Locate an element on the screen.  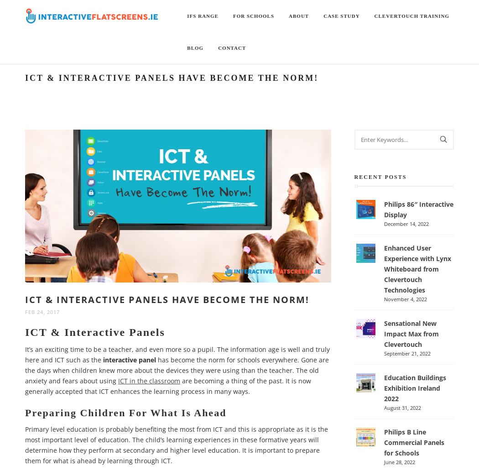
'Recent Posts' is located at coordinates (354, 177).